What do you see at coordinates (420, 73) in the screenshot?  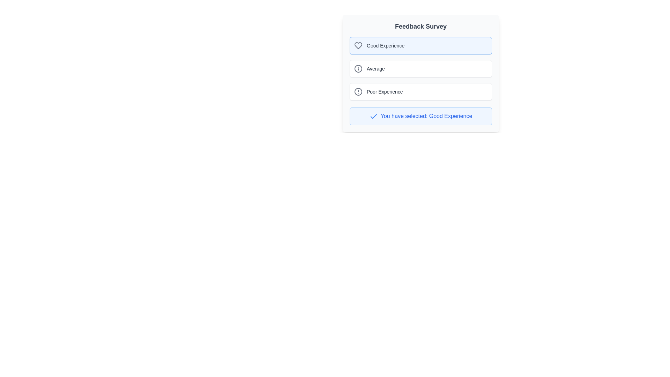 I see `the 'Average' button in the feedback survey interface` at bounding box center [420, 73].